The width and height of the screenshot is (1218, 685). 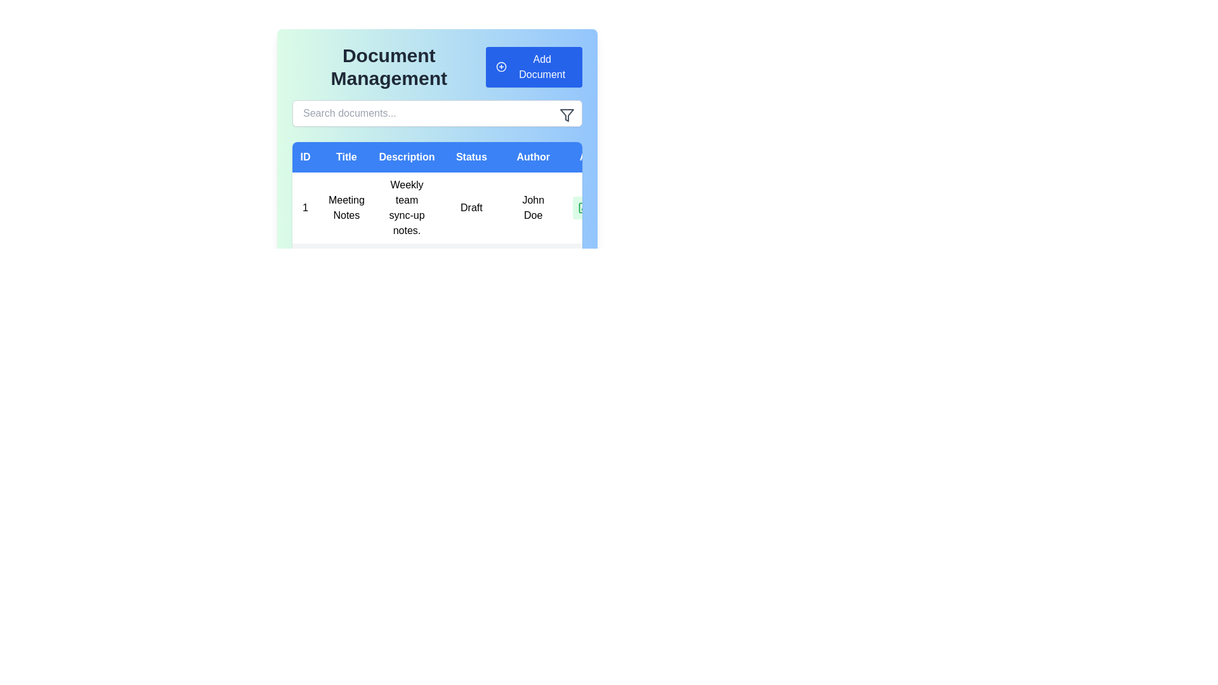 I want to click on the text label displaying 'Weekly team sync-up notes' located in the third column of the meeting notes table, so click(x=407, y=207).